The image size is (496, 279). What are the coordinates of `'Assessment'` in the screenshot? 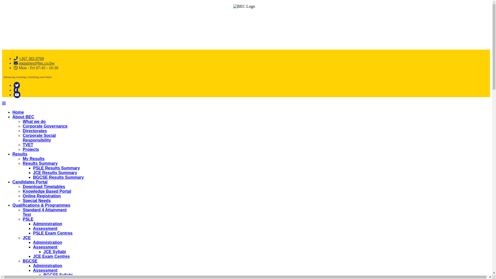 It's located at (33, 228).